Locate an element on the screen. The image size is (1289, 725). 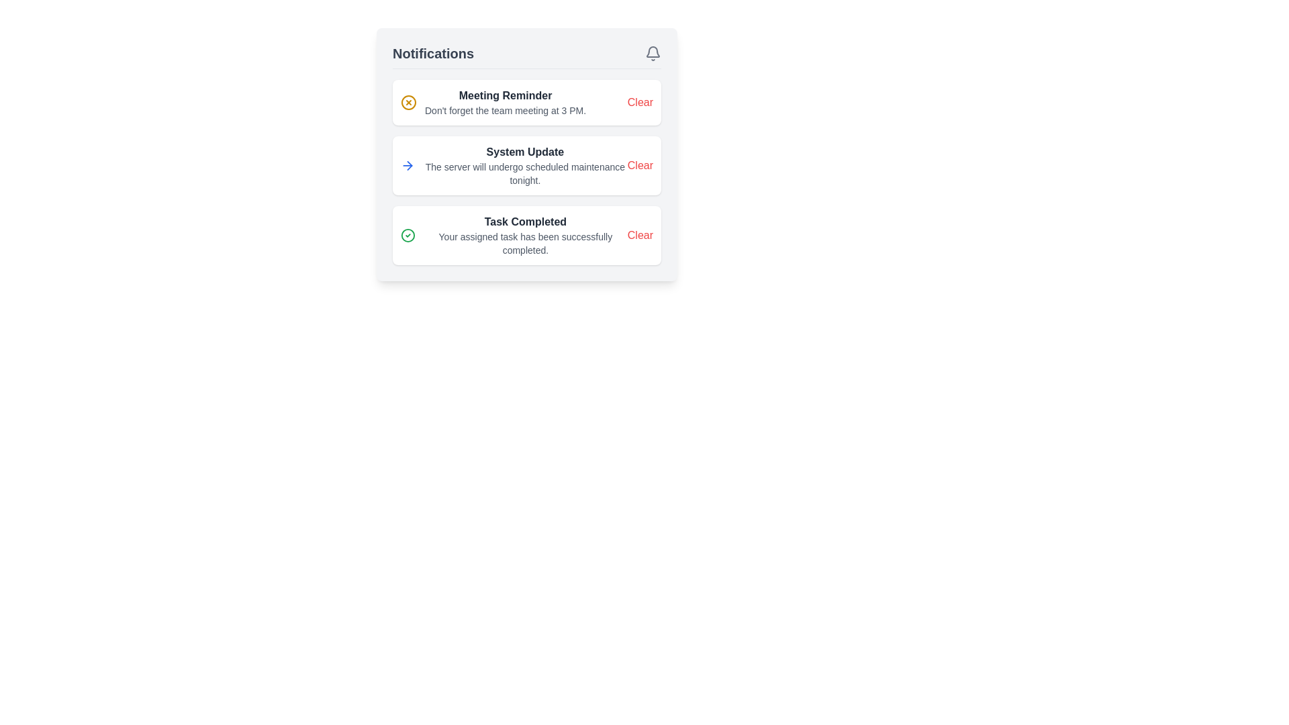
the 'Clear' button located at the extreme right of the notification card is located at coordinates (639, 164).